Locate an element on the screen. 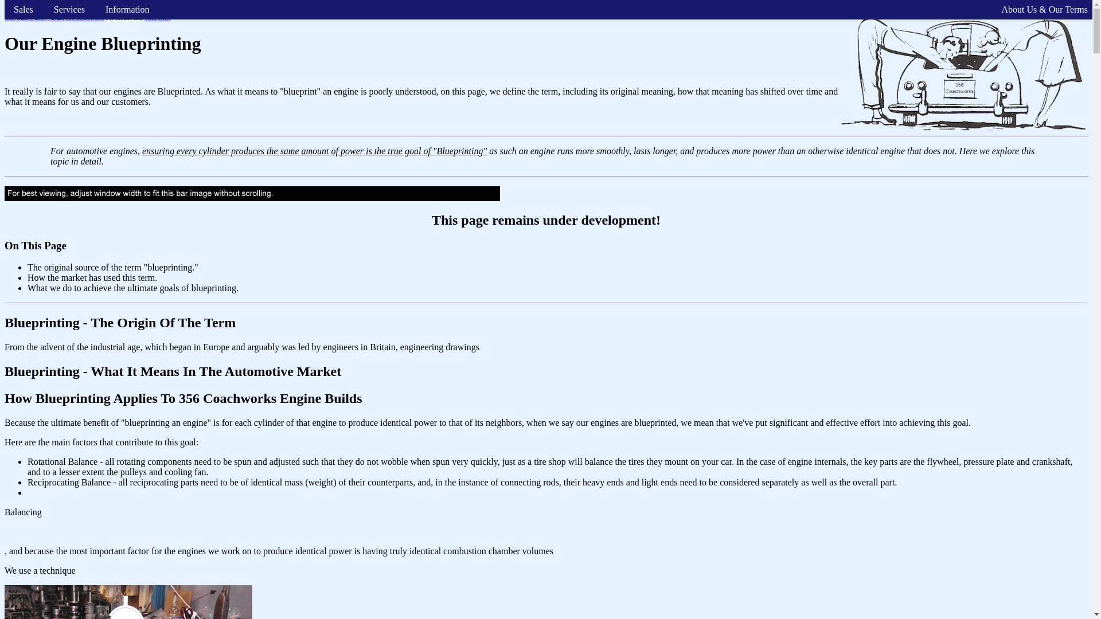  'About Us & Our Terms' is located at coordinates (1044, 9).